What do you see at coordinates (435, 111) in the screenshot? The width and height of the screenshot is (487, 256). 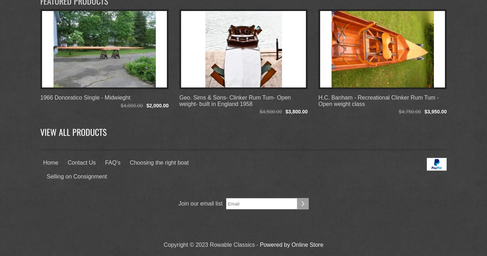 I see `'$3,950.00'` at bounding box center [435, 111].